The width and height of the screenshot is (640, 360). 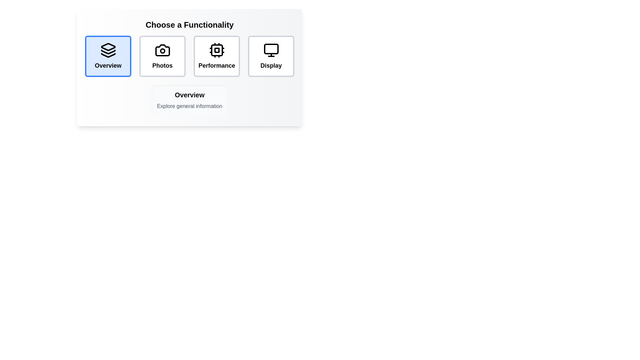 What do you see at coordinates (108, 56) in the screenshot?
I see `the first button in the row of four buttons labeled 'Choose a Functionality'` at bounding box center [108, 56].